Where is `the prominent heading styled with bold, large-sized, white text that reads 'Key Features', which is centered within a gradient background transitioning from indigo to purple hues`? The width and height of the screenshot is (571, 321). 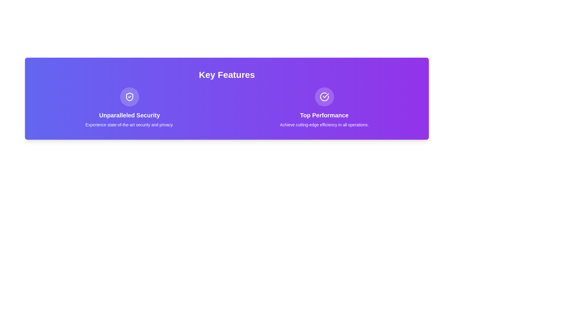 the prominent heading styled with bold, large-sized, white text that reads 'Key Features', which is centered within a gradient background transitioning from indigo to purple hues is located at coordinates (227, 74).